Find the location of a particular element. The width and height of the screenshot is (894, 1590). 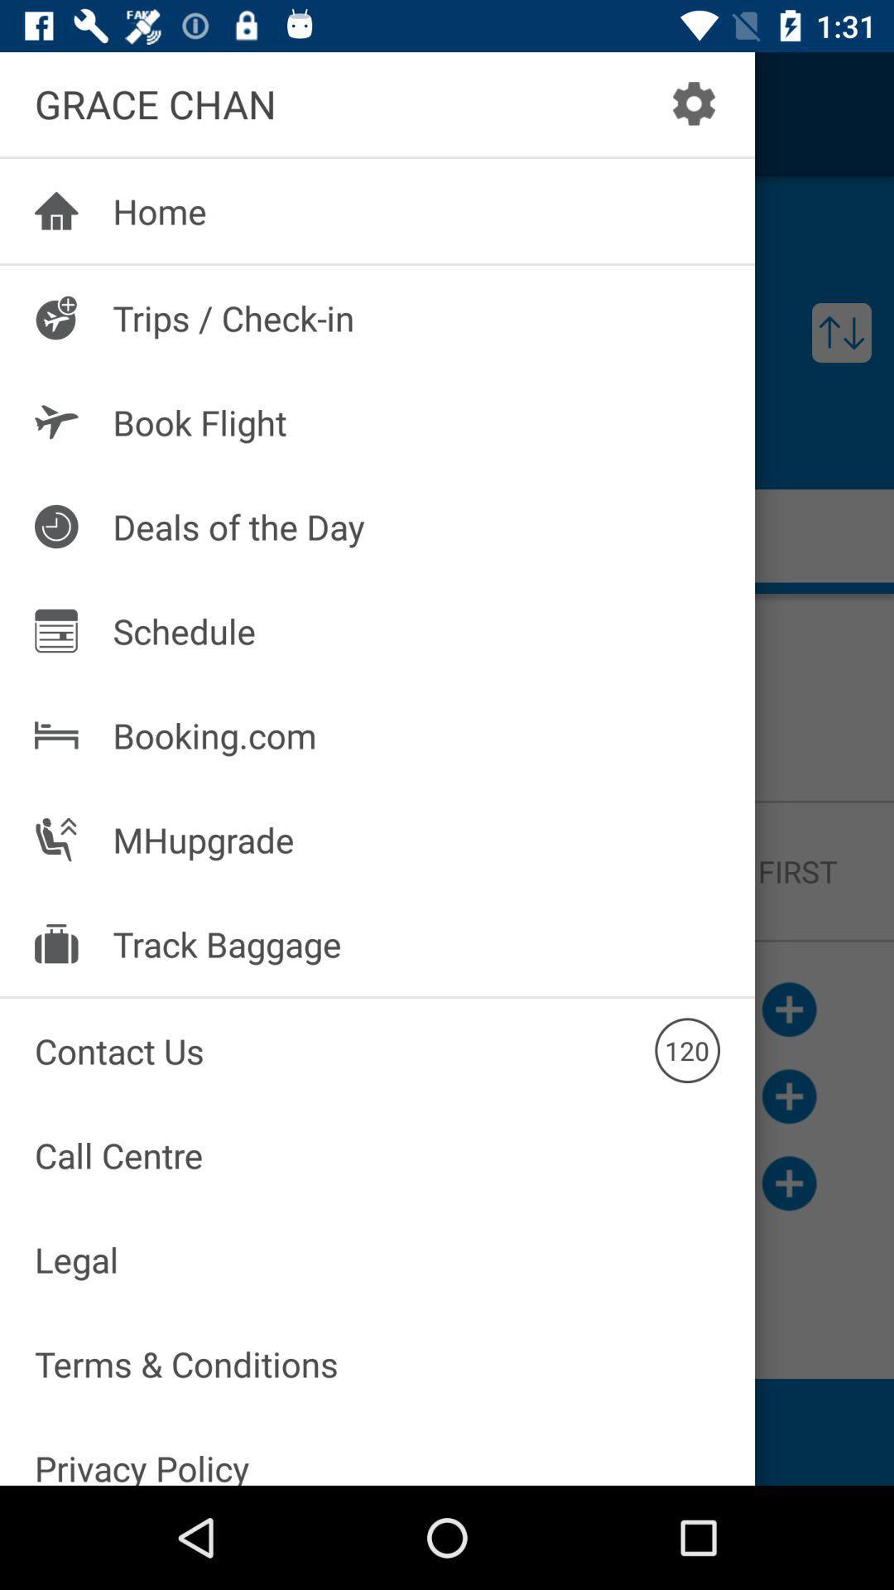

the add icon is located at coordinates (788, 1009).